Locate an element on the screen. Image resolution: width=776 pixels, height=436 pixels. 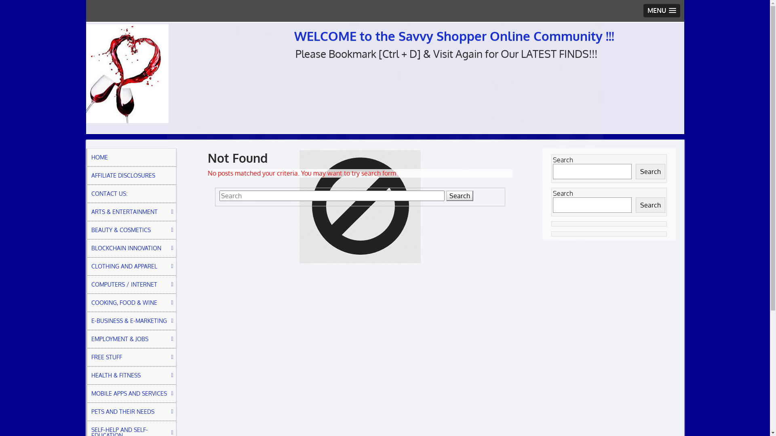
'EMPLOYMENT & JOBS' is located at coordinates (131, 339).